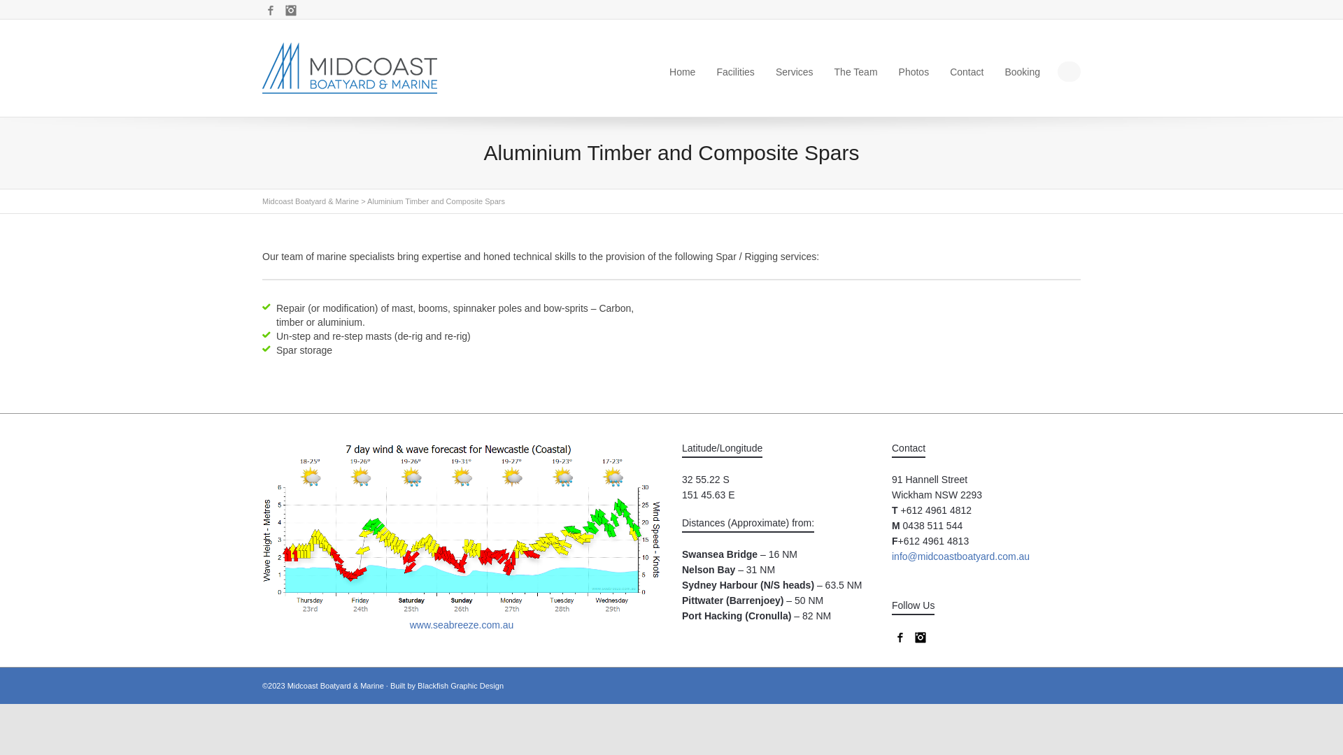 The height and width of the screenshot is (755, 1343). I want to click on 'Instagram', so click(920, 637).